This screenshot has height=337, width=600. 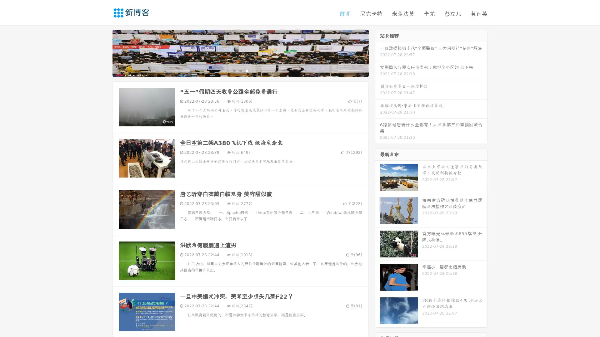 I want to click on Go to slide 2, so click(x=240, y=70).